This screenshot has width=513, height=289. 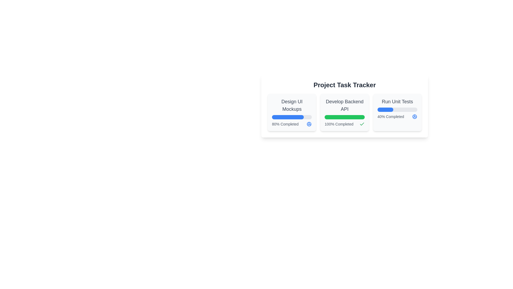 I want to click on the animated blue cog icon indicating processing or settings status, located within the first task card labeled 'Design UI Mockups', at the bottom-middle section of the card, directly to the right of the textual progress bar, so click(x=309, y=124).